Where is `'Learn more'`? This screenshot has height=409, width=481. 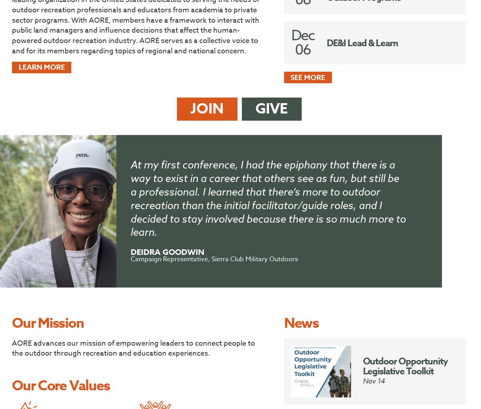
'Learn more' is located at coordinates (41, 67).